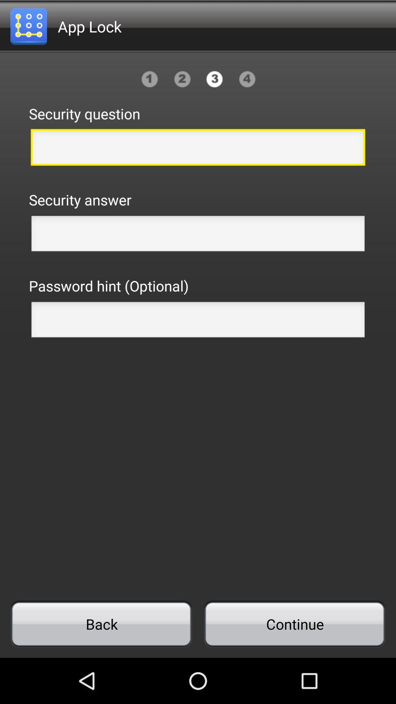 Image resolution: width=396 pixels, height=704 pixels. What do you see at coordinates (101, 624) in the screenshot?
I see `back item` at bounding box center [101, 624].